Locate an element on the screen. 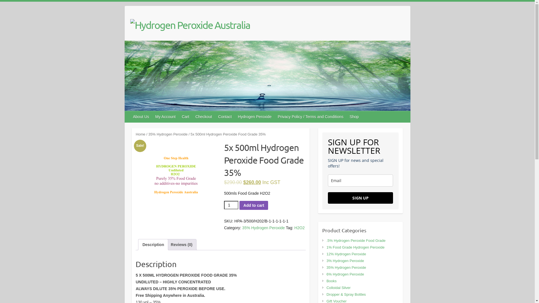  'Checkout' is located at coordinates (193, 116).